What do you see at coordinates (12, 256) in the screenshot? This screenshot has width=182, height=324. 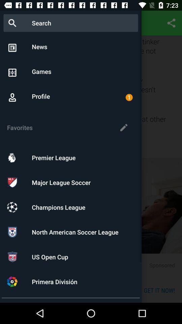 I see `the label left to us open cup` at bounding box center [12, 256].